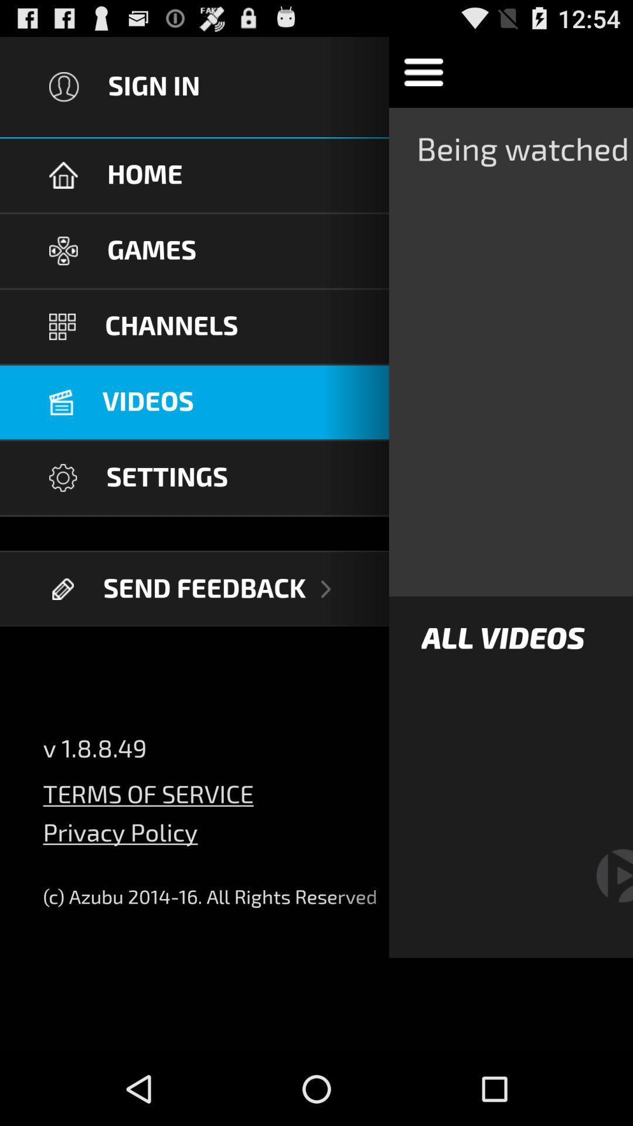 The height and width of the screenshot is (1126, 633). I want to click on the privacy policy item, so click(120, 840).